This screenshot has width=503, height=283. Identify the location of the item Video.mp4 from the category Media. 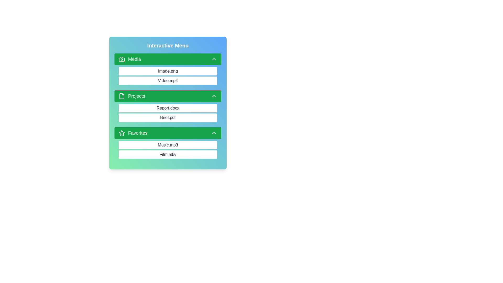
(118, 81).